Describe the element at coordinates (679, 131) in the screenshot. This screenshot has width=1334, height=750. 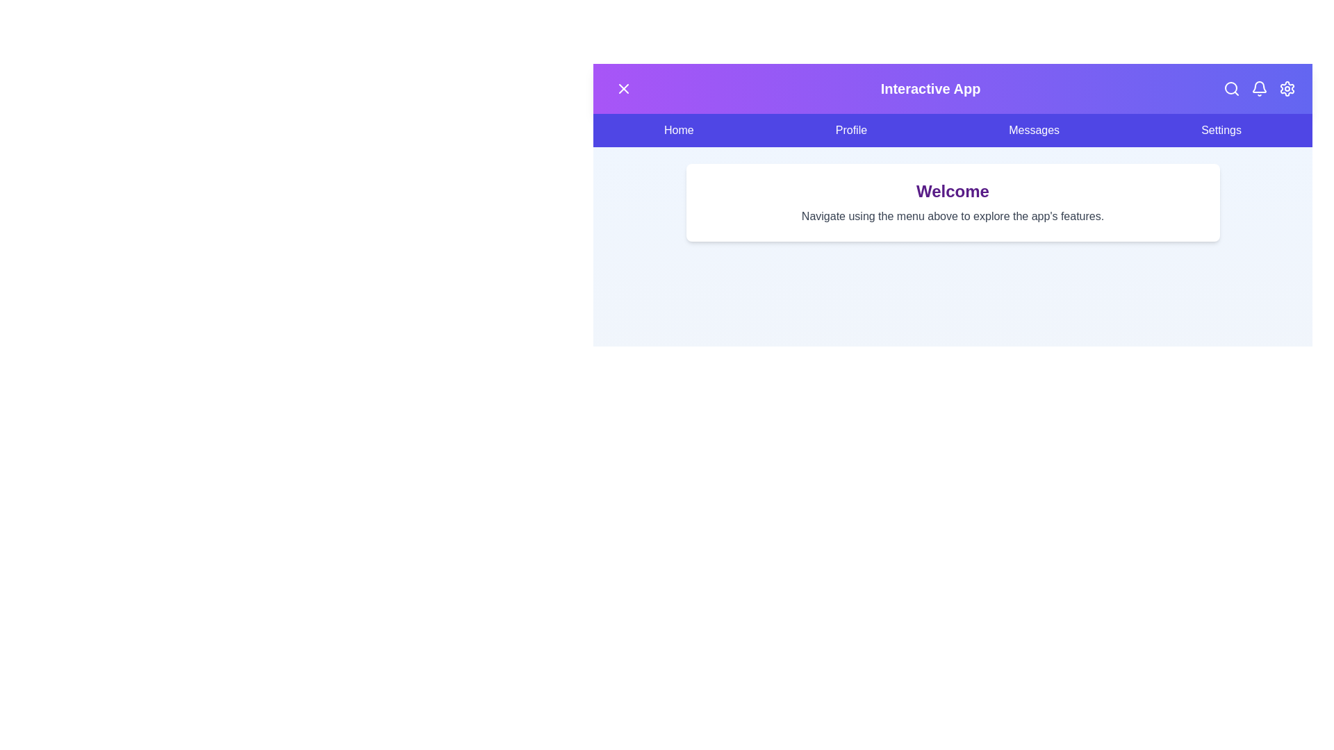
I see `the Home menu item to navigate to the respective section` at that location.